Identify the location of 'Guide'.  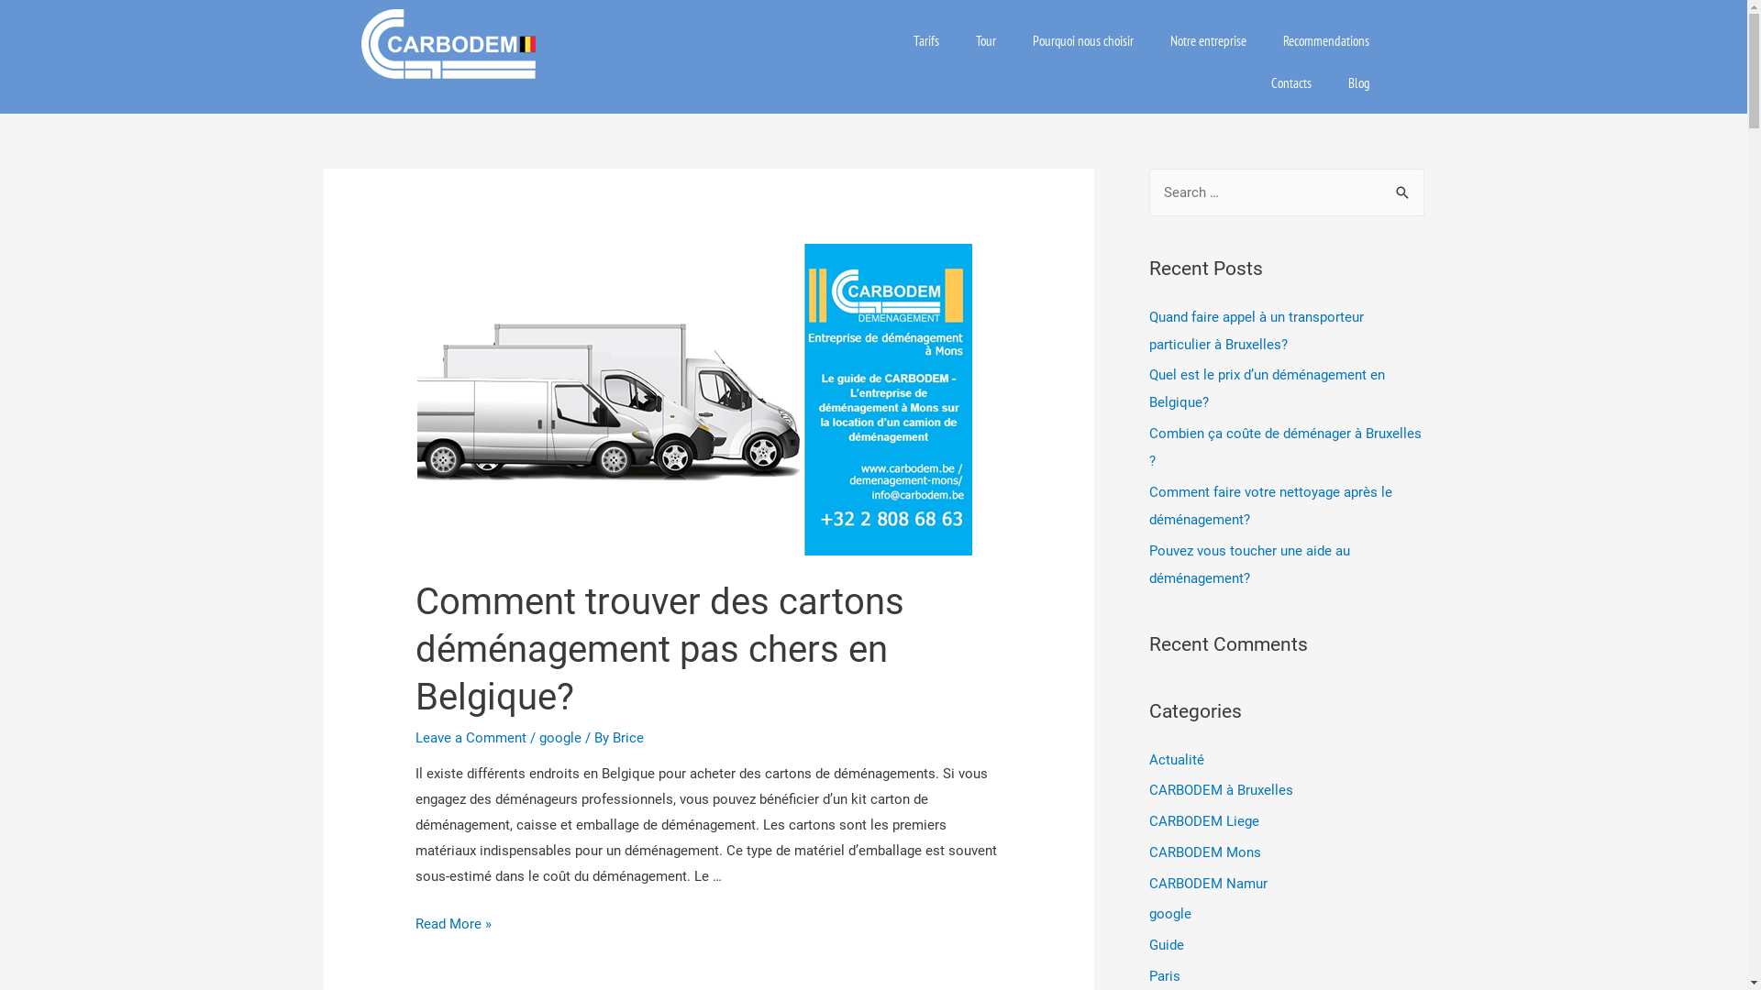
(1165, 944).